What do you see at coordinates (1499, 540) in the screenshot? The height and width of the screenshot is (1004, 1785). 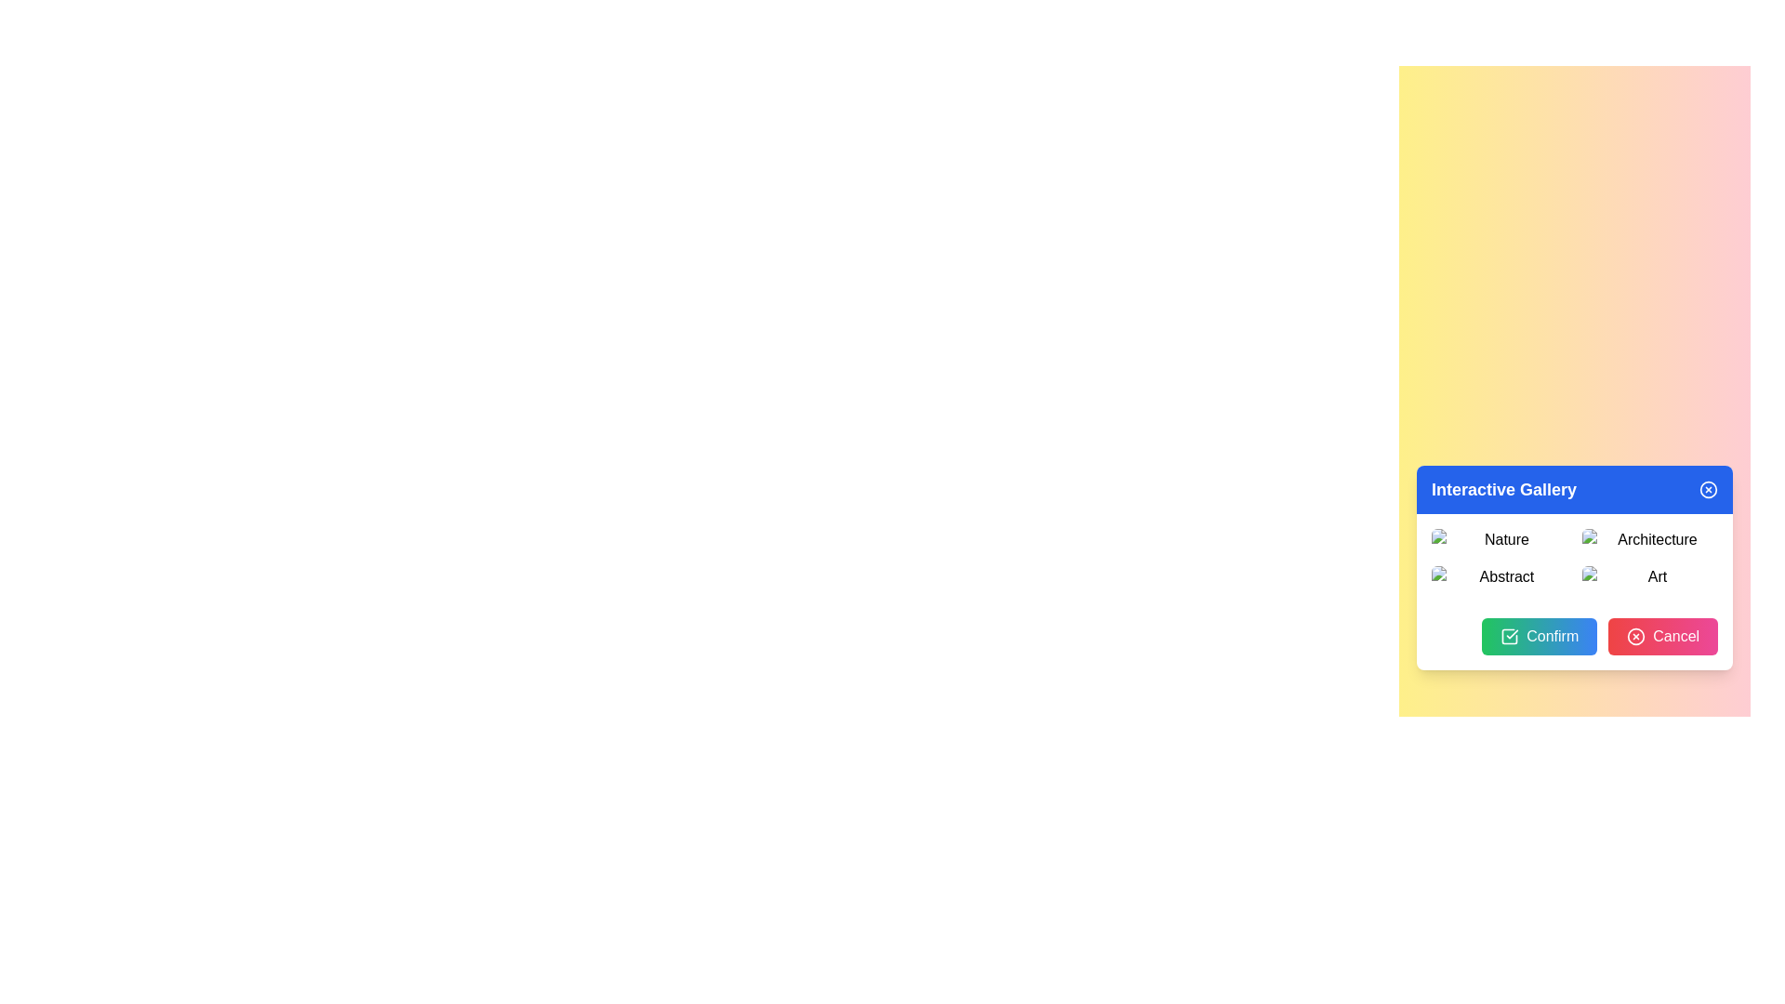 I see `the Text Label located at the top-left corner of the 'Interactive Gallery' modal, which is positioned above the leftmost image placeholder in the first row` at bounding box center [1499, 540].